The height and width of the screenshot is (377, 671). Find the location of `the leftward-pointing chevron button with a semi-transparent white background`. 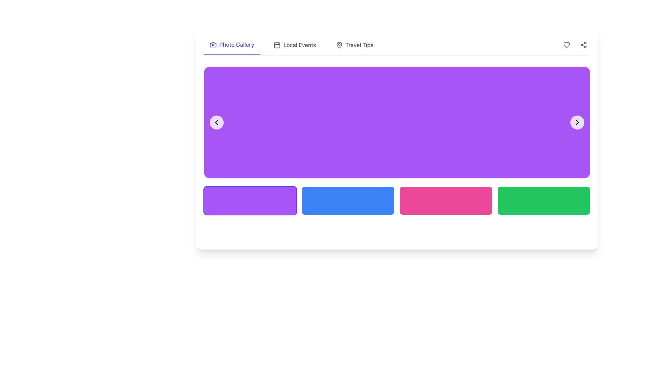

the leftward-pointing chevron button with a semi-transparent white background is located at coordinates (216, 122).